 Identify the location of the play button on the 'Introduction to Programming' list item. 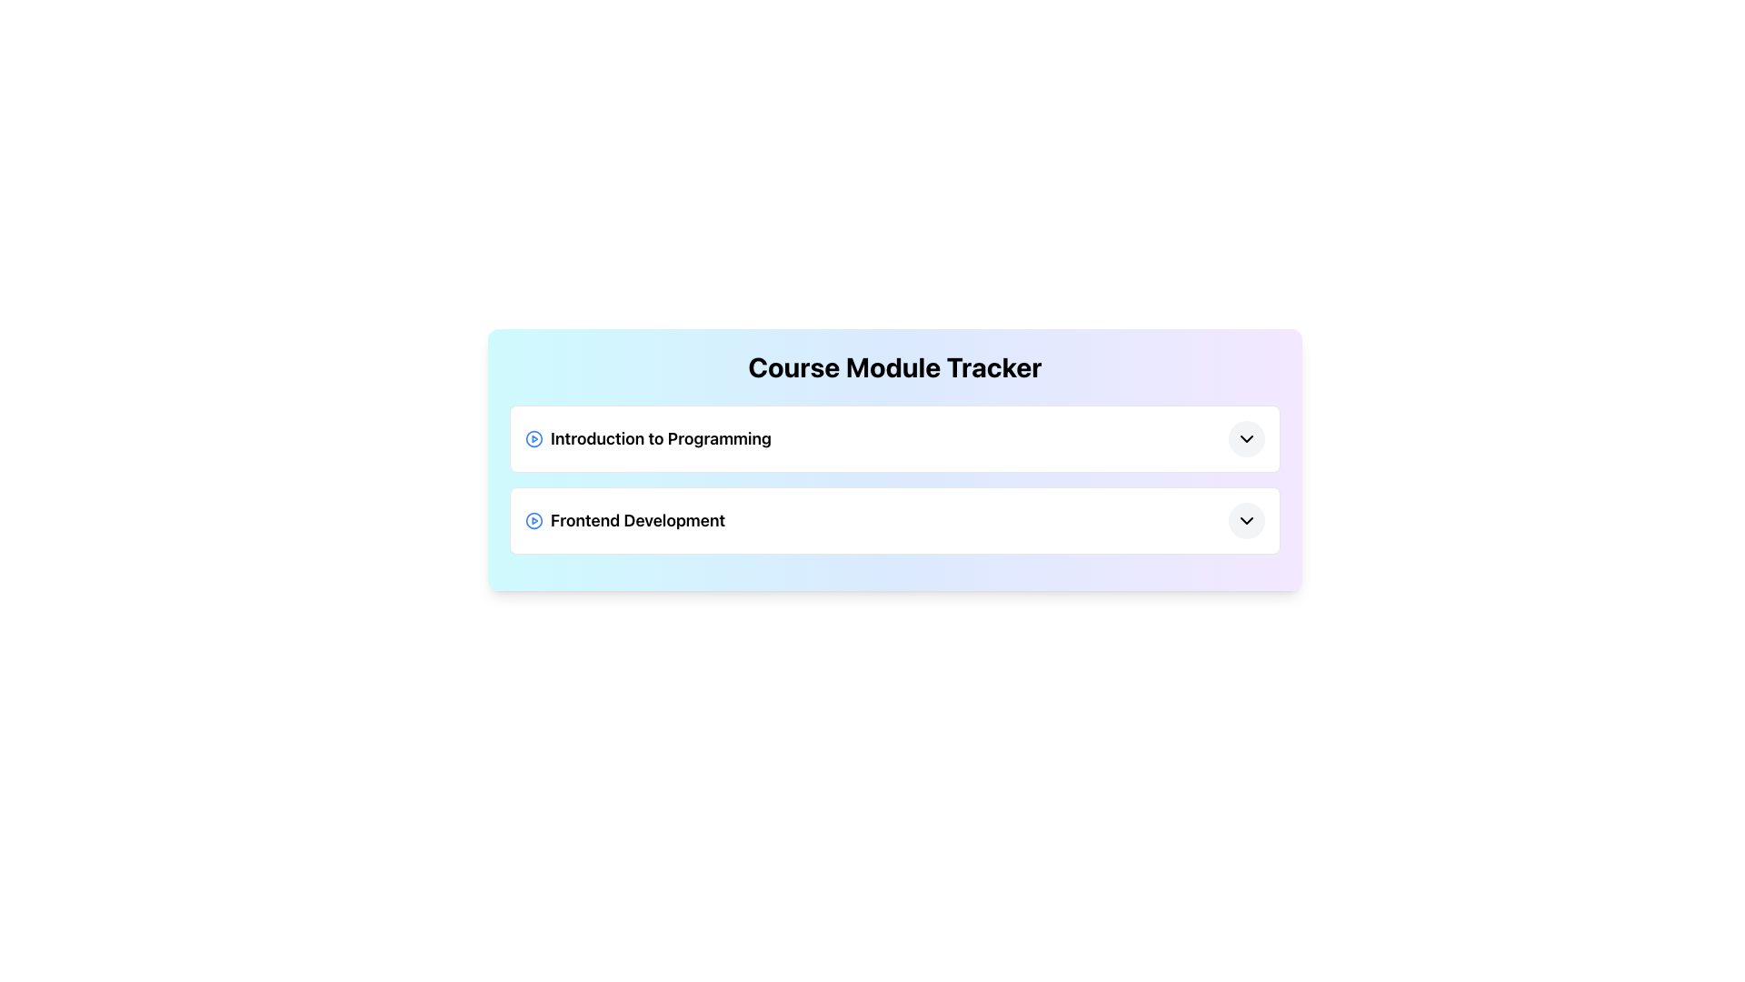
(894, 438).